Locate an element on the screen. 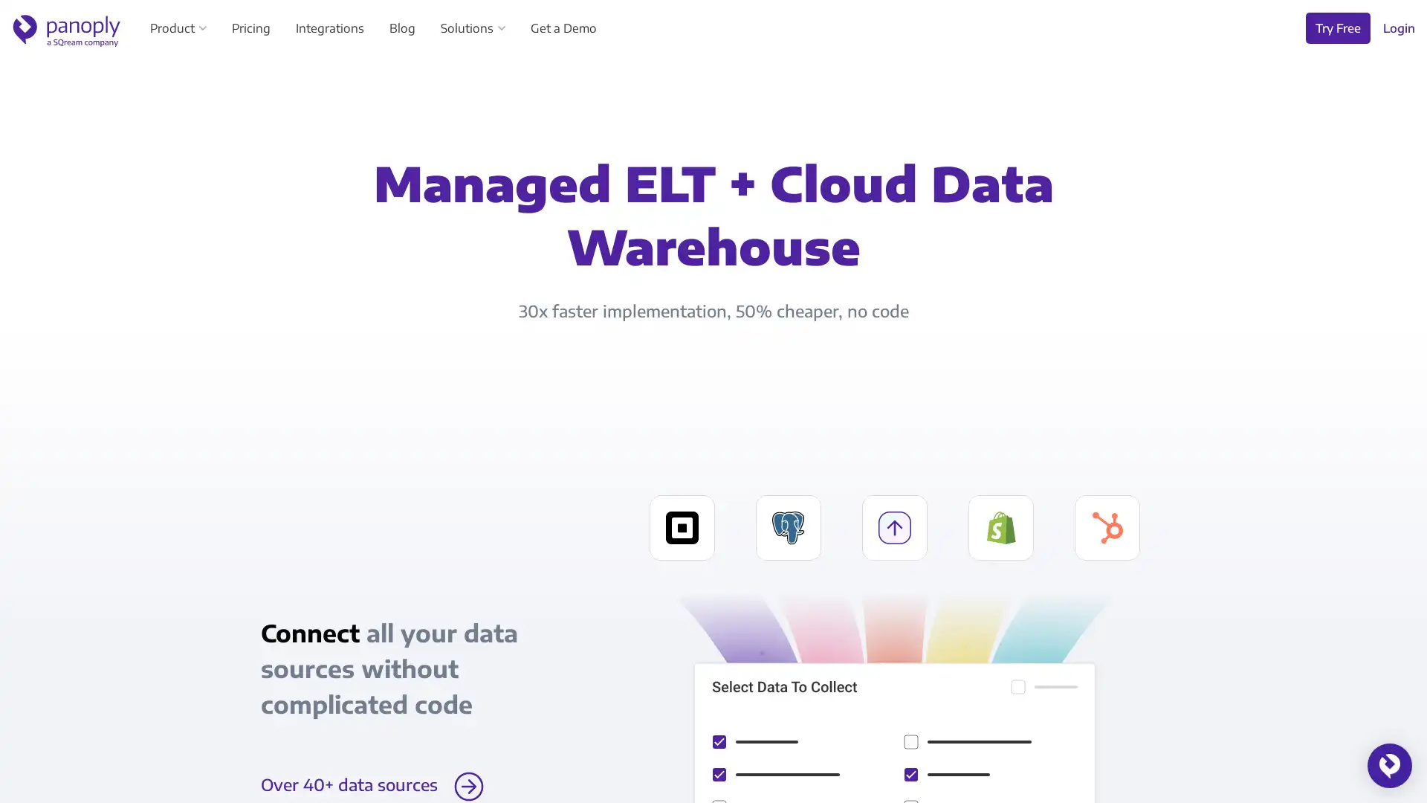  Accept is located at coordinates (687, 684).